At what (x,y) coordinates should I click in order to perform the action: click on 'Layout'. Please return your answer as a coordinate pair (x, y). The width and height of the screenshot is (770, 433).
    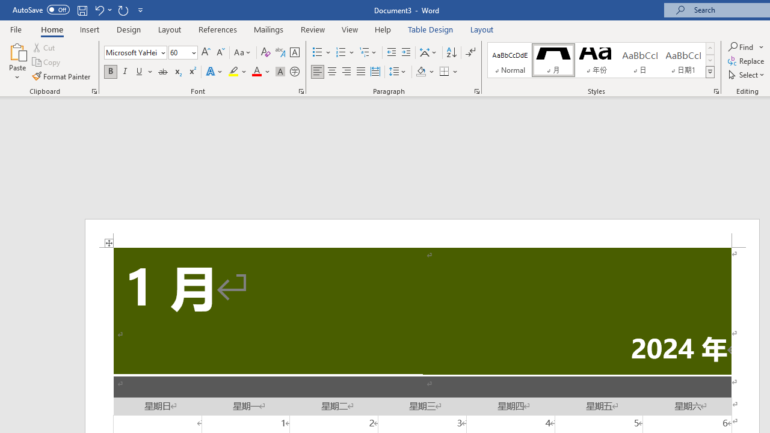
    Looking at the image, I should click on (482, 29).